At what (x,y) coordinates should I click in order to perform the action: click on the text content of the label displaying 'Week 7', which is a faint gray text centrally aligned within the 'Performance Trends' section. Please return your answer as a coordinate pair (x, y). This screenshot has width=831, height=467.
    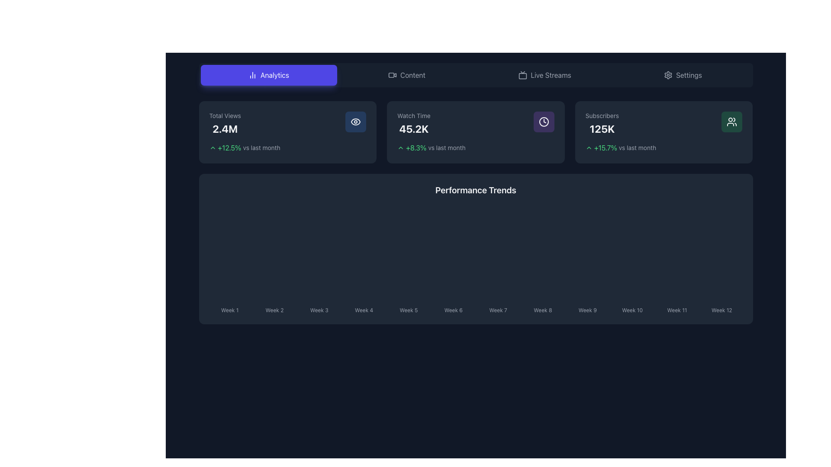
    Looking at the image, I should click on (498, 308).